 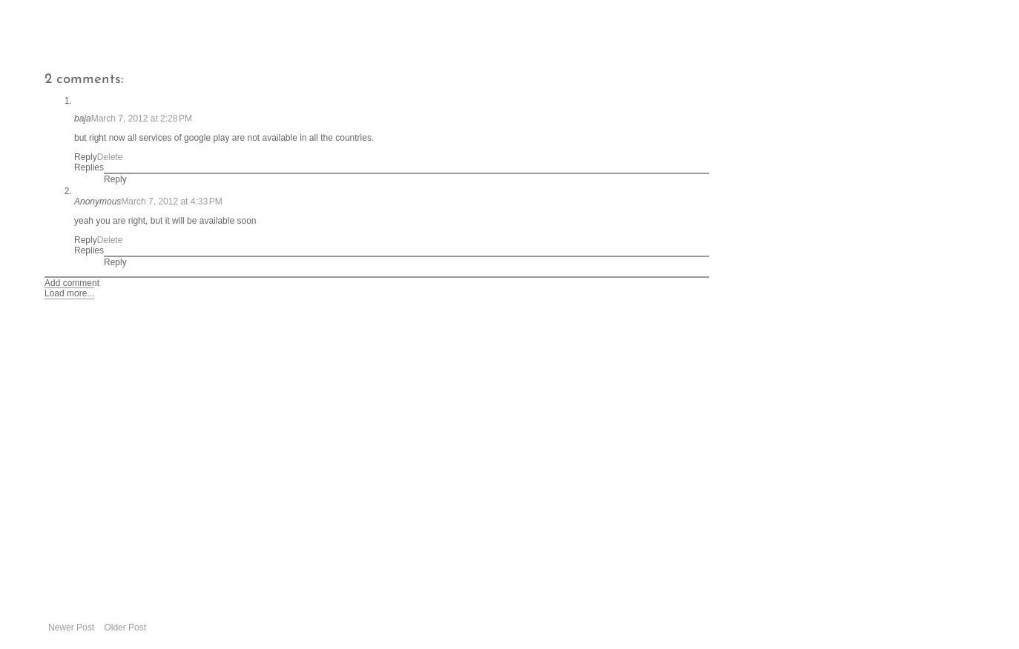 What do you see at coordinates (140, 116) in the screenshot?
I see `'March 7, 2012 at 2:28 PM'` at bounding box center [140, 116].